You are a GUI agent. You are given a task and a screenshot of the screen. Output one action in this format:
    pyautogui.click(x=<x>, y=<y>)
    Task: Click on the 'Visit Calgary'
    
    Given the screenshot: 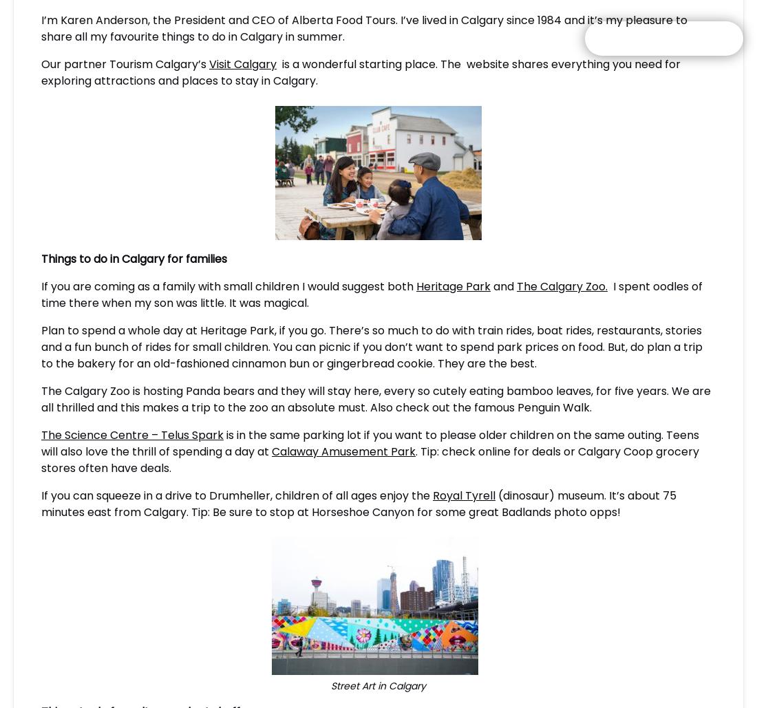 What is the action you would take?
    pyautogui.click(x=242, y=63)
    